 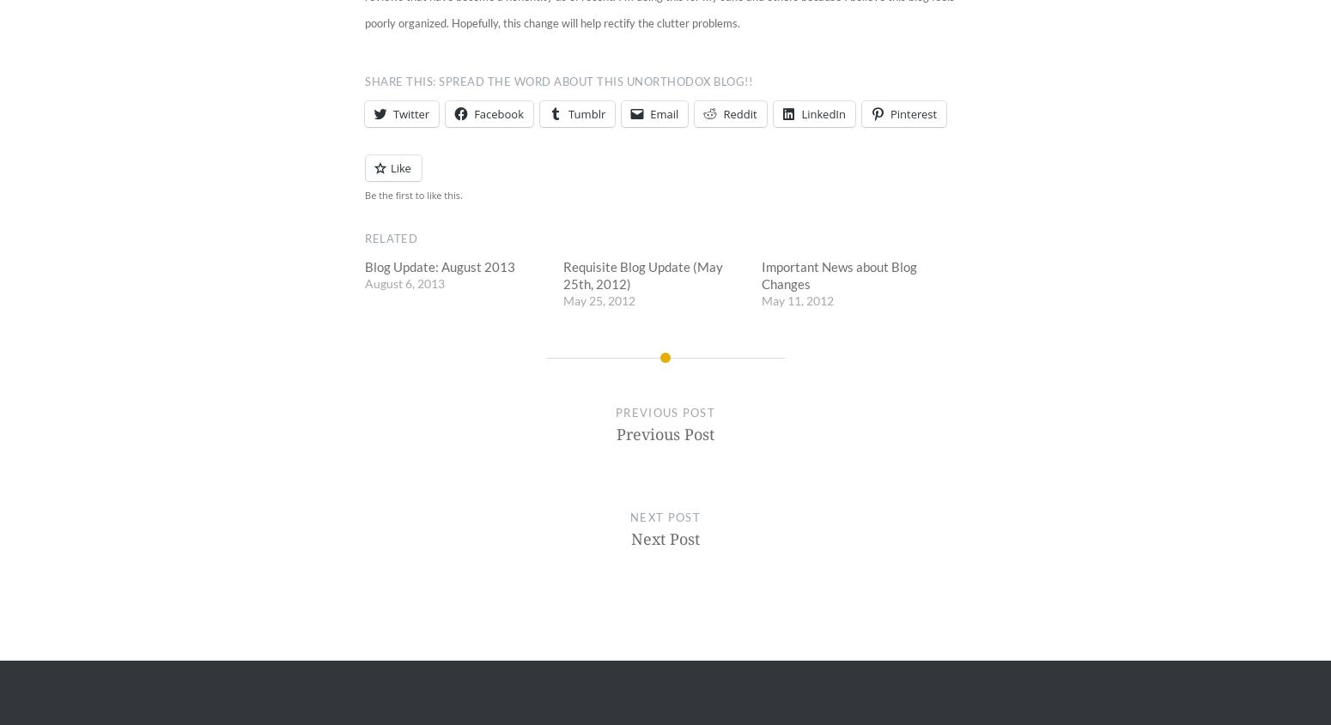 What do you see at coordinates (913, 114) in the screenshot?
I see `'Pinterest'` at bounding box center [913, 114].